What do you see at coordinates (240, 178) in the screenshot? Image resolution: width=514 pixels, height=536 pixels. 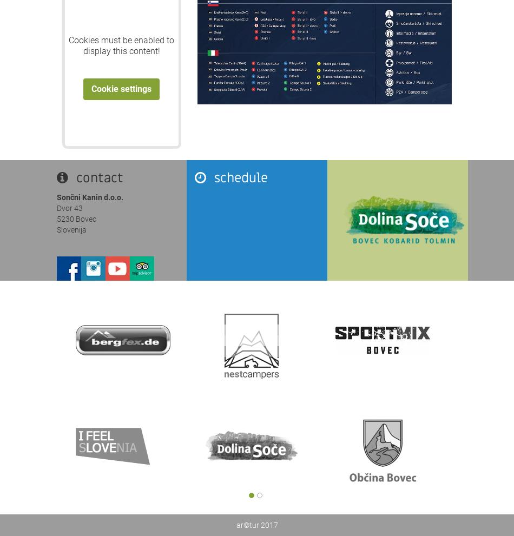 I see `'schedule'` at bounding box center [240, 178].